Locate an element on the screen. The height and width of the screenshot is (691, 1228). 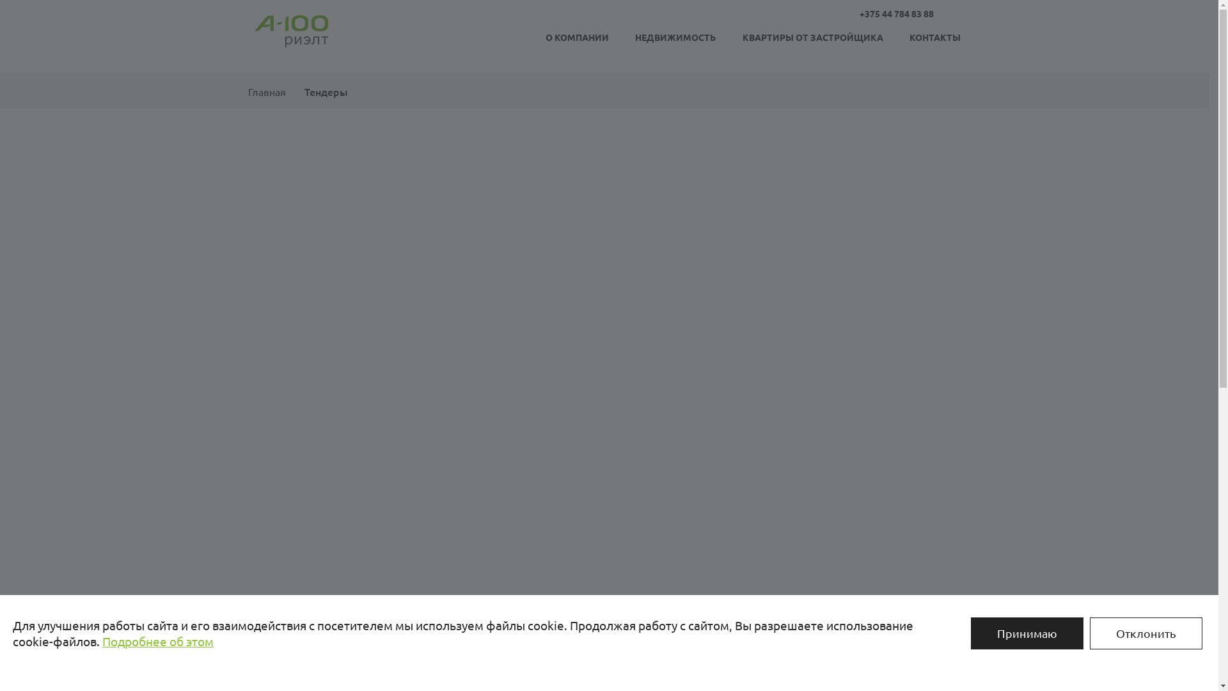
'+375 44 784 83 88' is located at coordinates (860, 13).